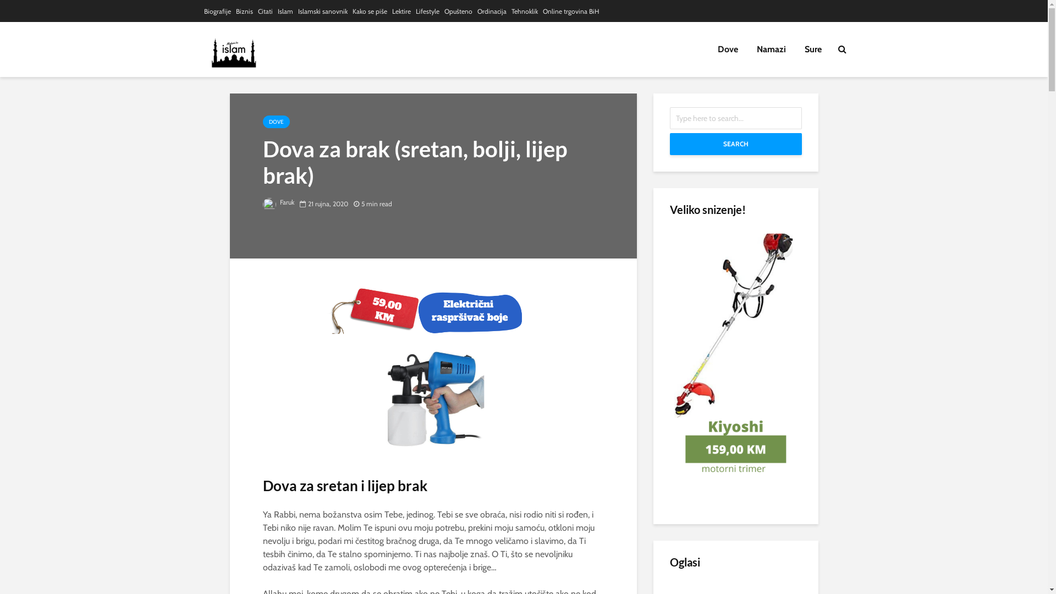 This screenshot has height=594, width=1056. Describe the element at coordinates (570, 11) in the screenshot. I see `'Online trgovina BiH'` at that location.